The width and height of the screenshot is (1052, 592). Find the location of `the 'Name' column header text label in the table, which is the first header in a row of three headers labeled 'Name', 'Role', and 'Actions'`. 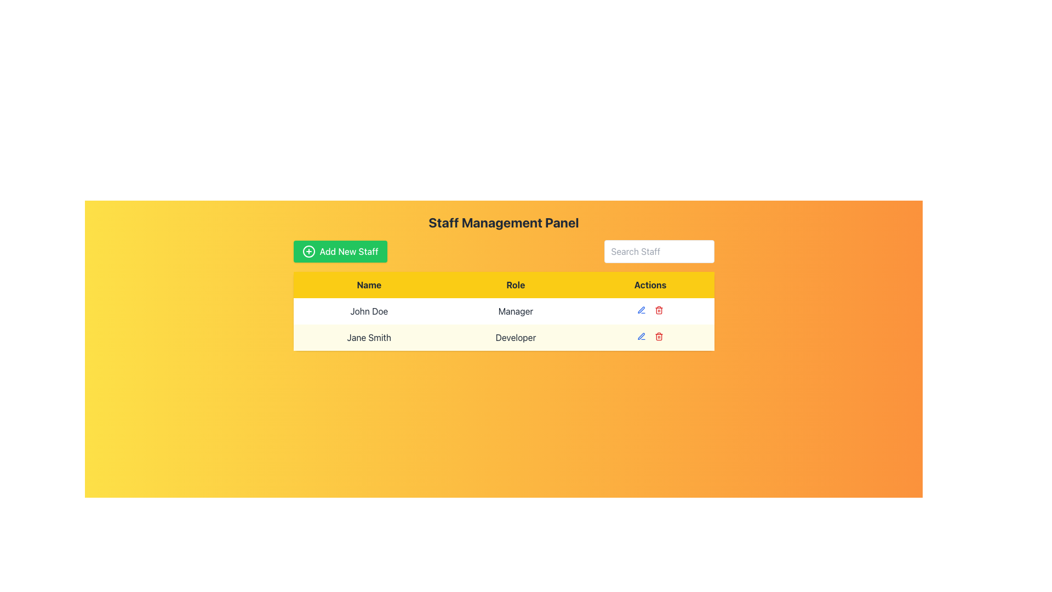

the 'Name' column header text label in the table, which is the first header in a row of three headers labeled 'Name', 'Role', and 'Actions' is located at coordinates (369, 284).